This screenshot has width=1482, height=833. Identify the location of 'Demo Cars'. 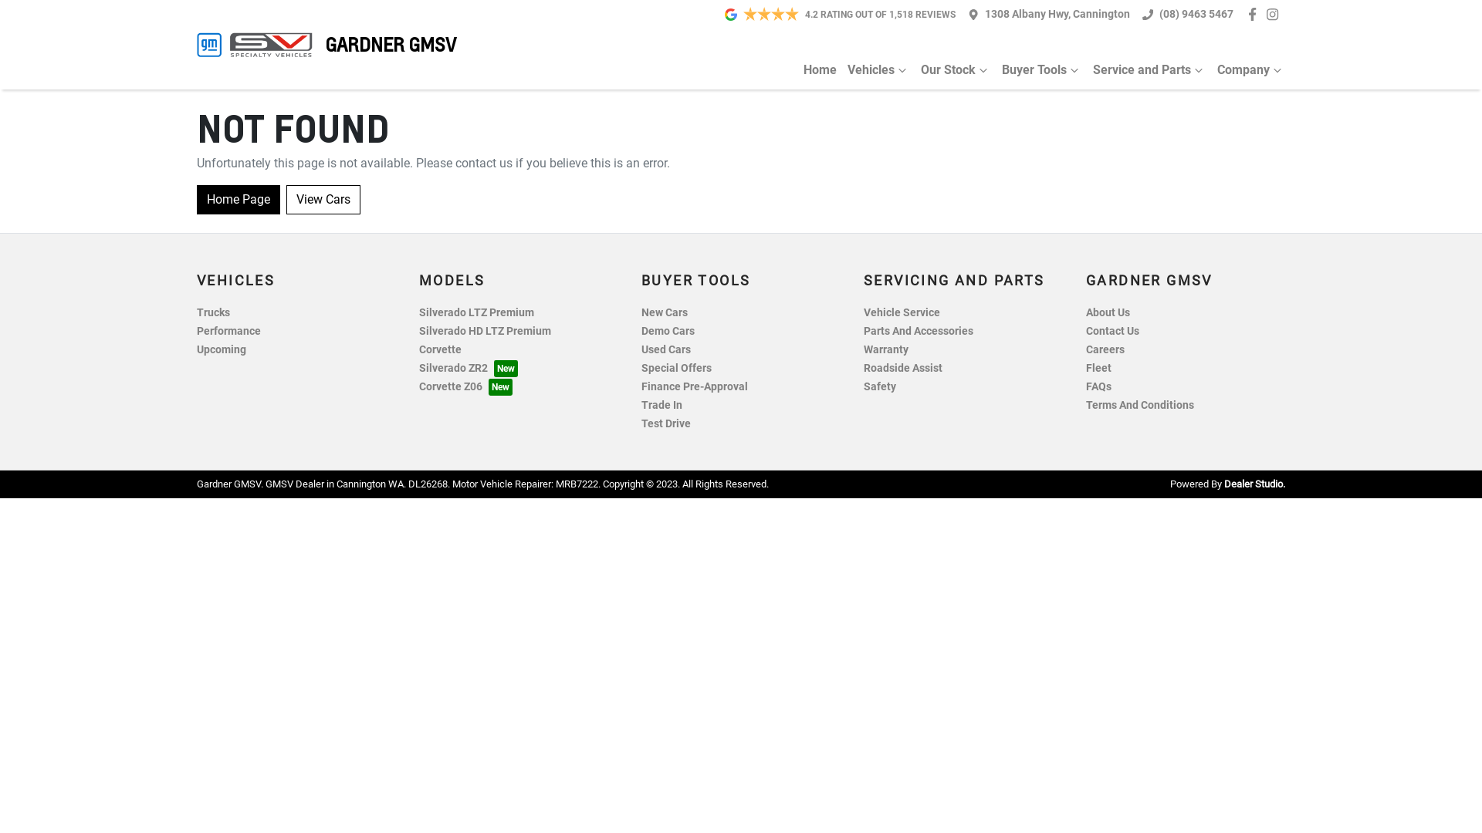
(668, 330).